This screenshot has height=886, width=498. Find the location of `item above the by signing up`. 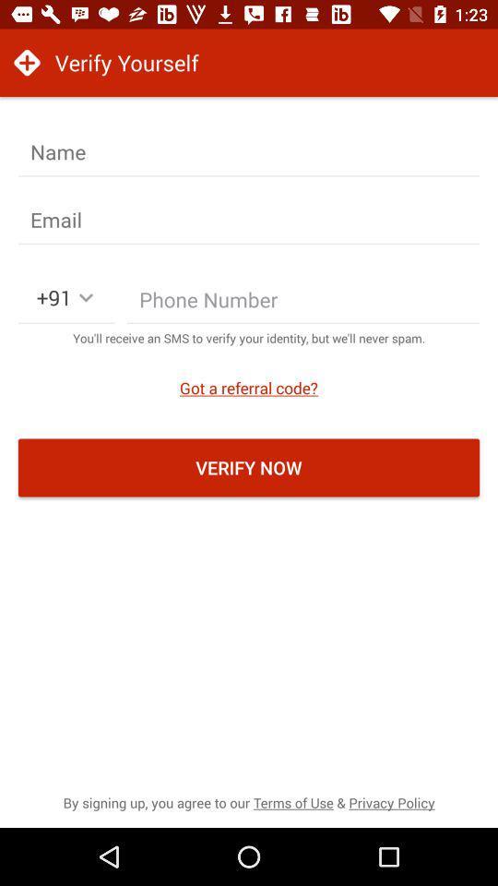

item above the by signing up is located at coordinates (249, 466).